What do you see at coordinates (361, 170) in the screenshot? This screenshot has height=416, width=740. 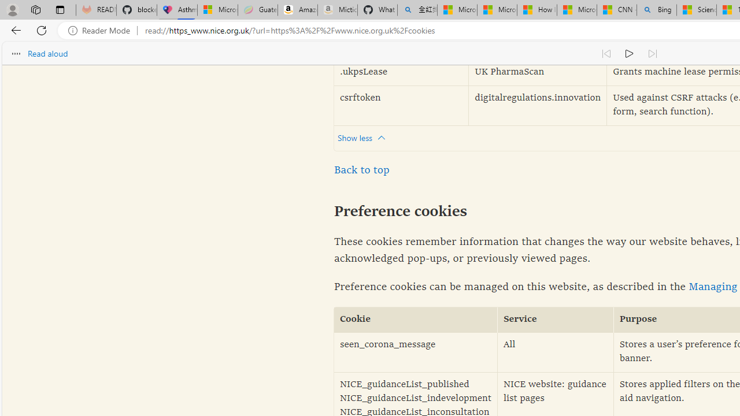 I see `'Back to top'` at bounding box center [361, 170].